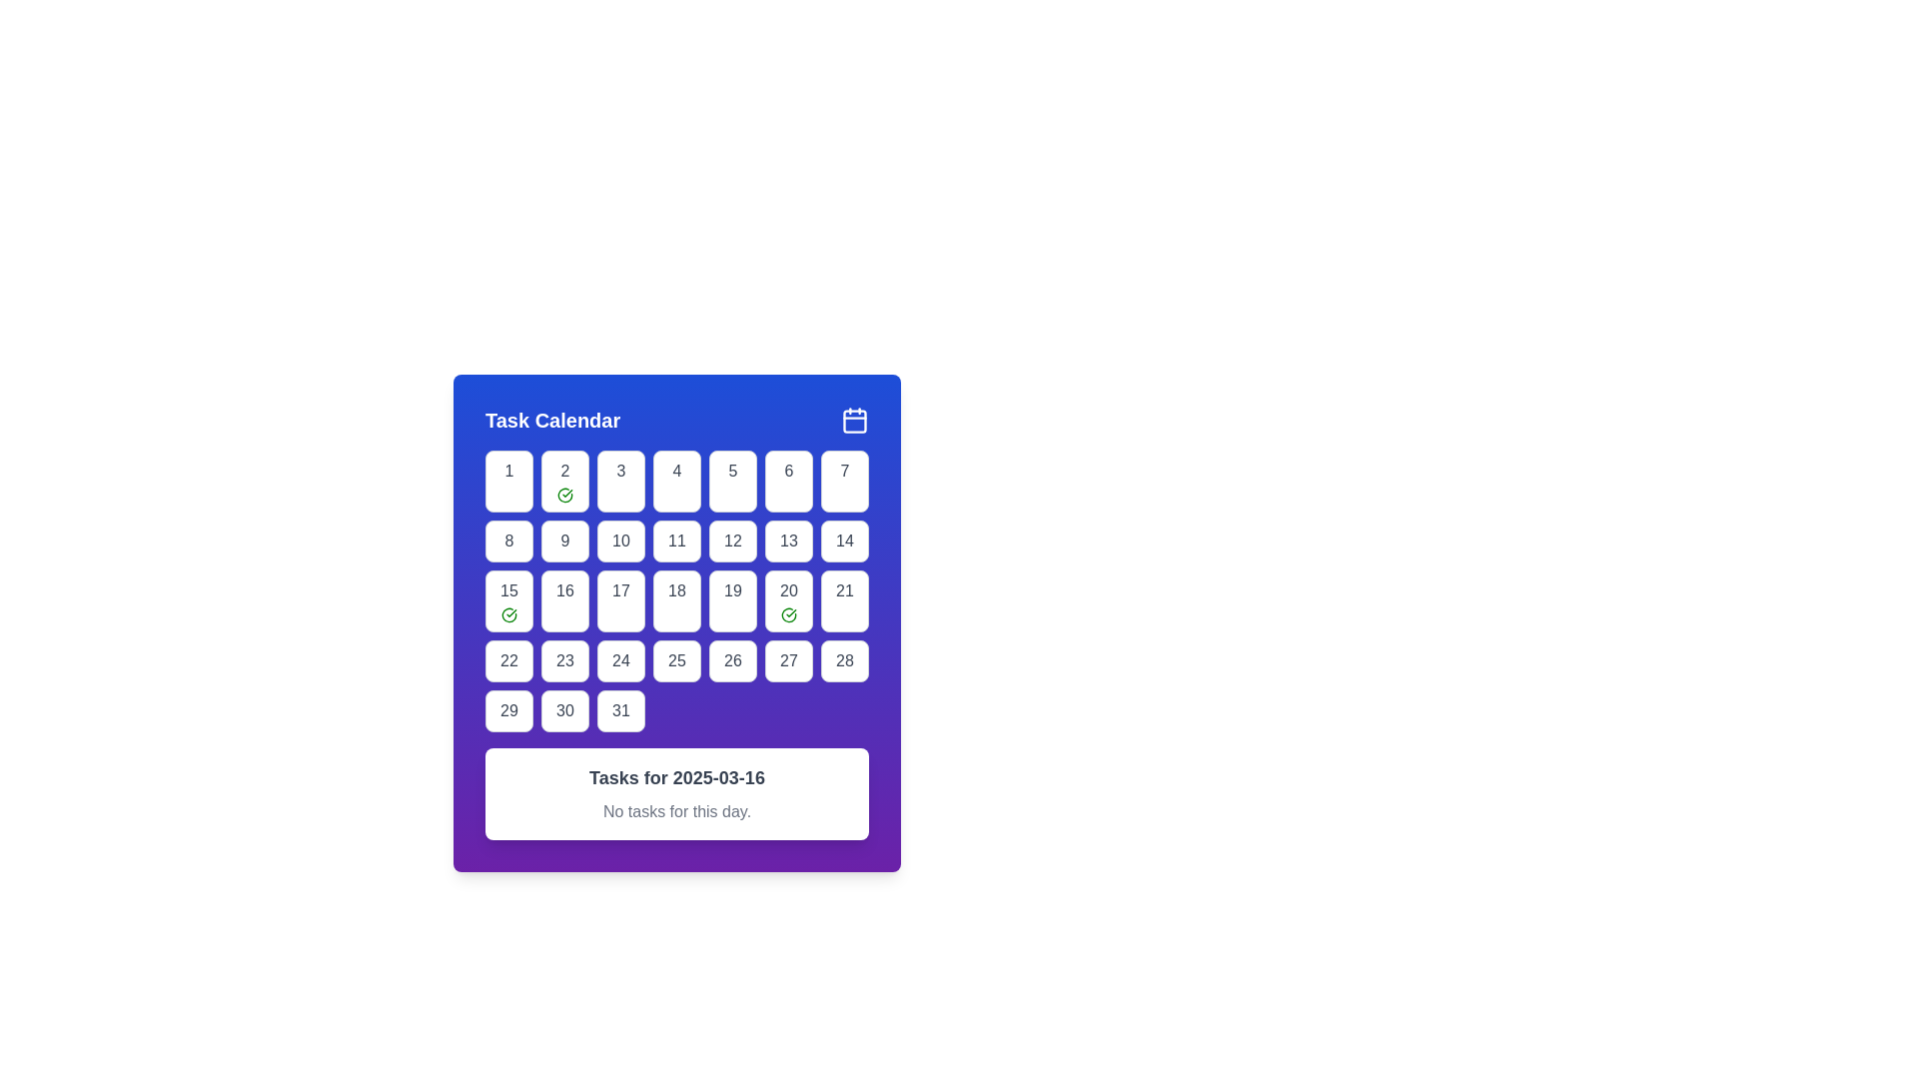  Describe the element at coordinates (564, 599) in the screenshot. I see `the day selection cell displaying '16' in the 'Task Calendar', located in the third row and third column of the grid layout` at that location.